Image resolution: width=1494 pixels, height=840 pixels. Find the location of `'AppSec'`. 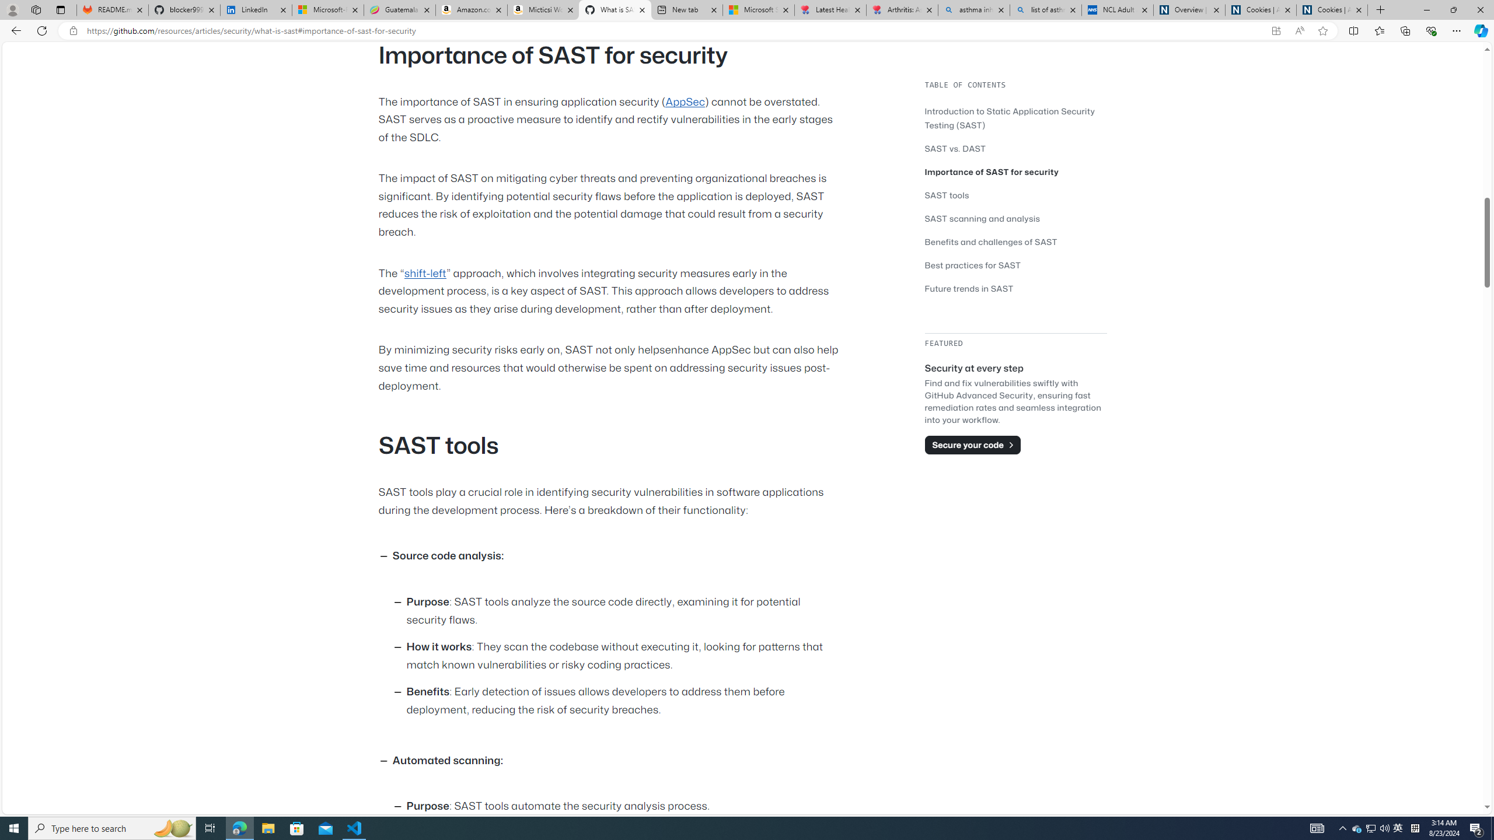

'AppSec' is located at coordinates (685, 101).